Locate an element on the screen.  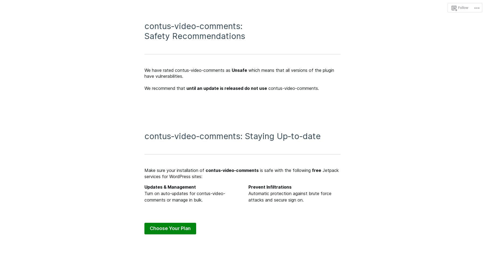
'We have rated contus-video-comments as' is located at coordinates (188, 70).